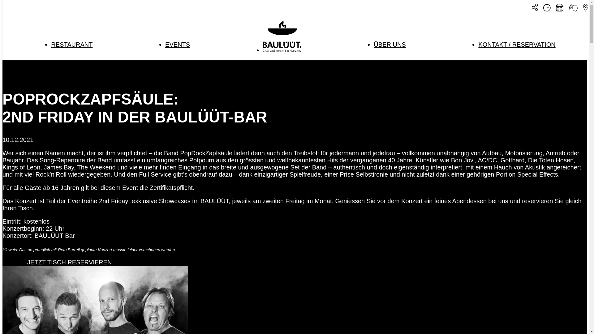 The width and height of the screenshot is (594, 334). I want to click on 'KONTAKT / RESERVATION', so click(517, 44).